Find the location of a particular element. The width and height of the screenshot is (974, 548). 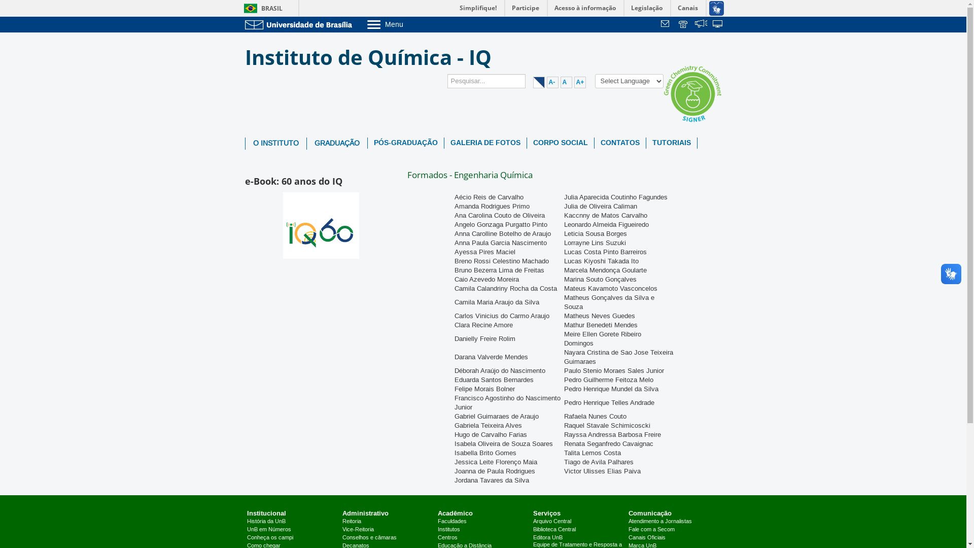

'Biblioteca Central' is located at coordinates (554, 529).